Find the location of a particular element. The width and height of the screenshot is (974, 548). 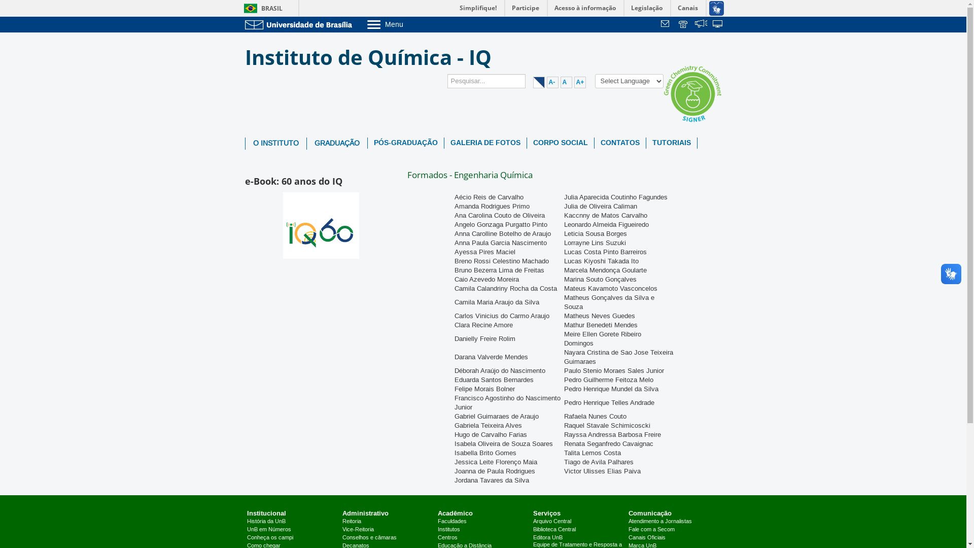

'Biblioteca Central' is located at coordinates (554, 529).